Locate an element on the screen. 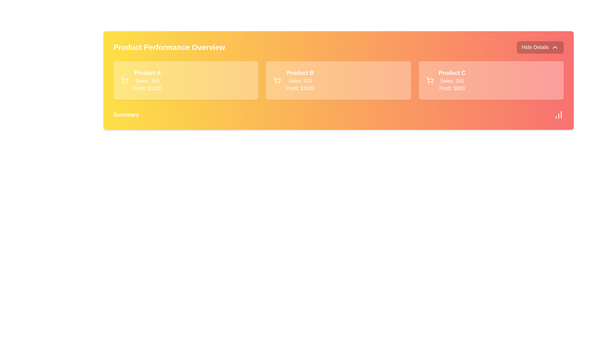 The width and height of the screenshot is (600, 337). the displayed information on the Information Card that summarizes data for 'Product A', located in the upper section of the interface is located at coordinates (186, 80).